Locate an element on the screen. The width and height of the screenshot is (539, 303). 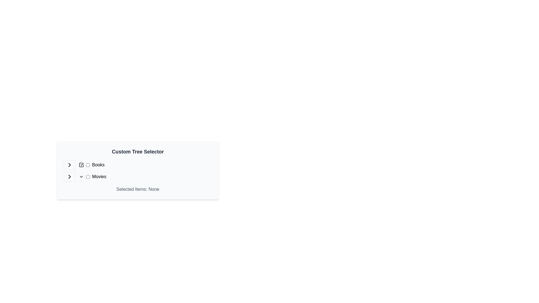
the small, square checkbox that is positioned adjacent to the 'Books' label in the Custom Tree Selector interface to focus on it is located at coordinates (88, 164).